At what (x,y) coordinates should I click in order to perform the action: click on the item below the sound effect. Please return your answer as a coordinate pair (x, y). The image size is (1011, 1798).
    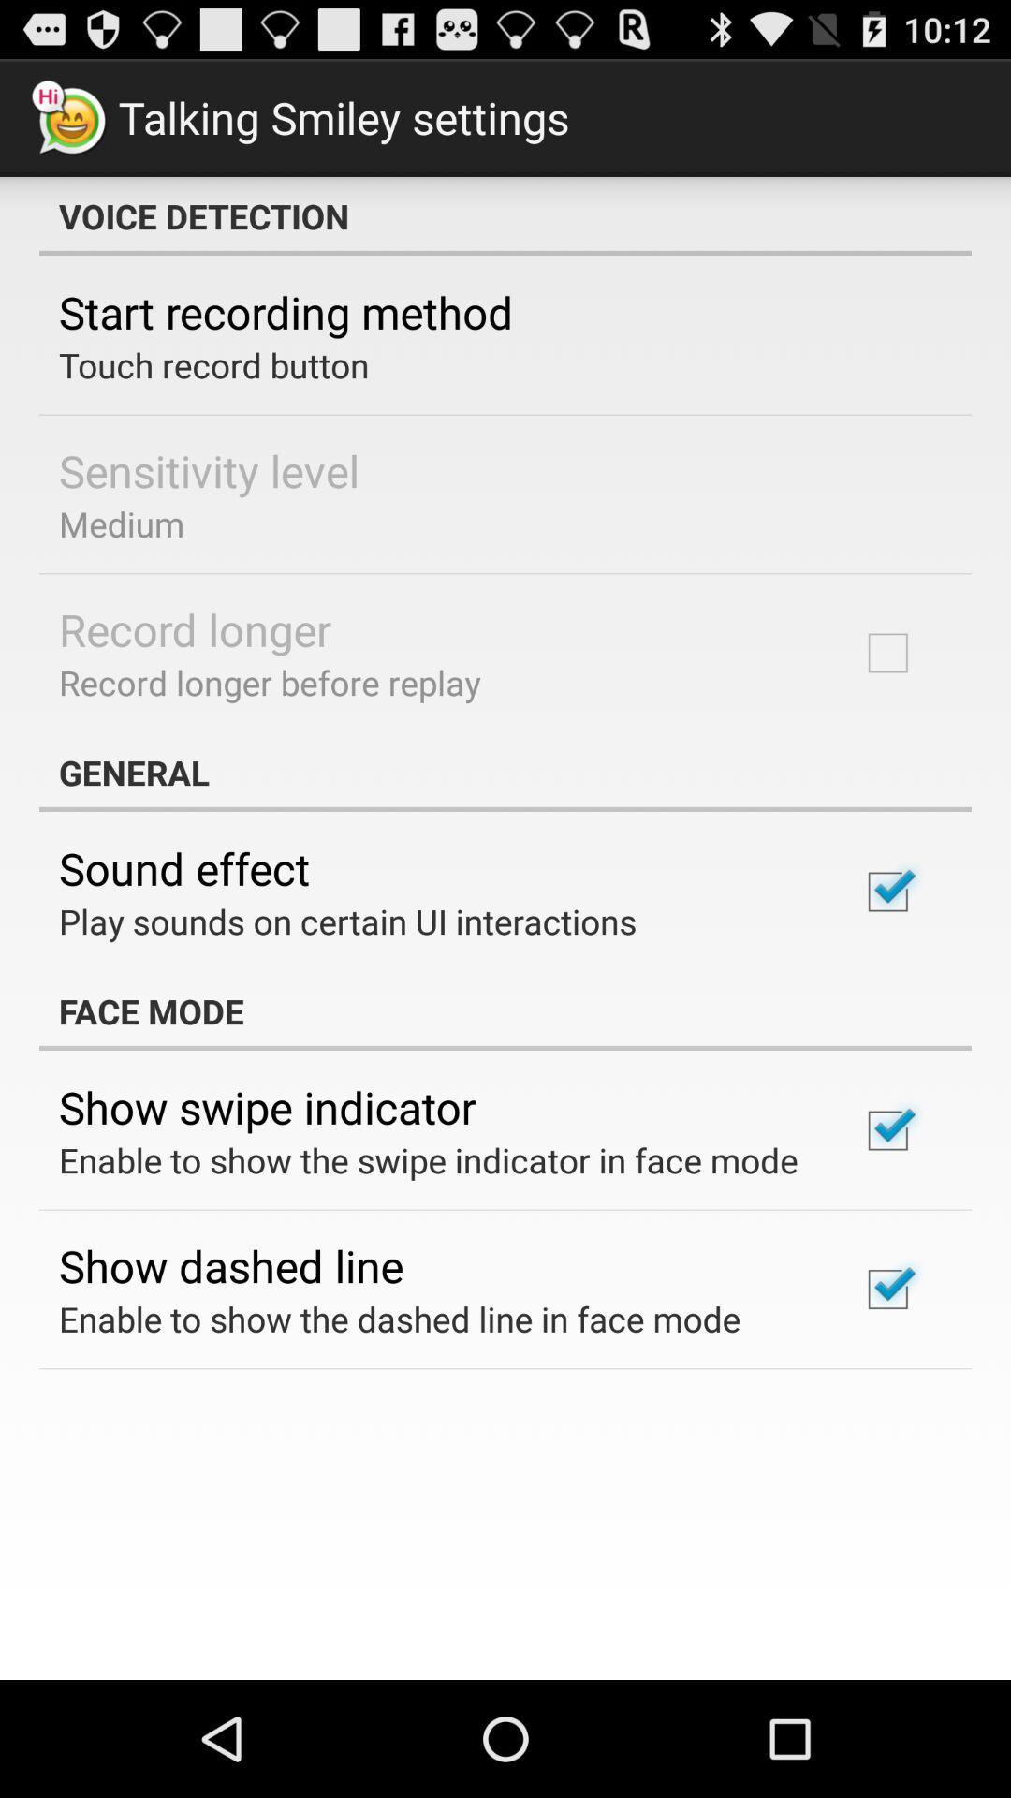
    Looking at the image, I should click on (347, 921).